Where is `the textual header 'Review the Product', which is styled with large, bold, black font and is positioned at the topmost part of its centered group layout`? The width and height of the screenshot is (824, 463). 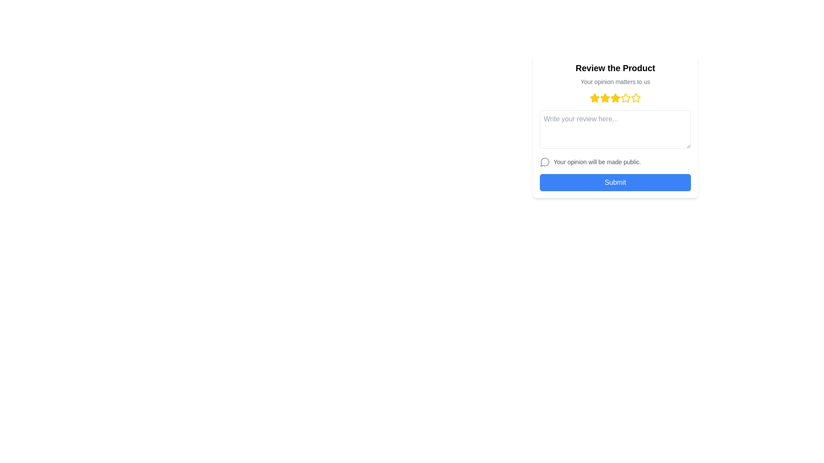 the textual header 'Review the Product', which is styled with large, bold, black font and is positioned at the topmost part of its centered group layout is located at coordinates (615, 67).